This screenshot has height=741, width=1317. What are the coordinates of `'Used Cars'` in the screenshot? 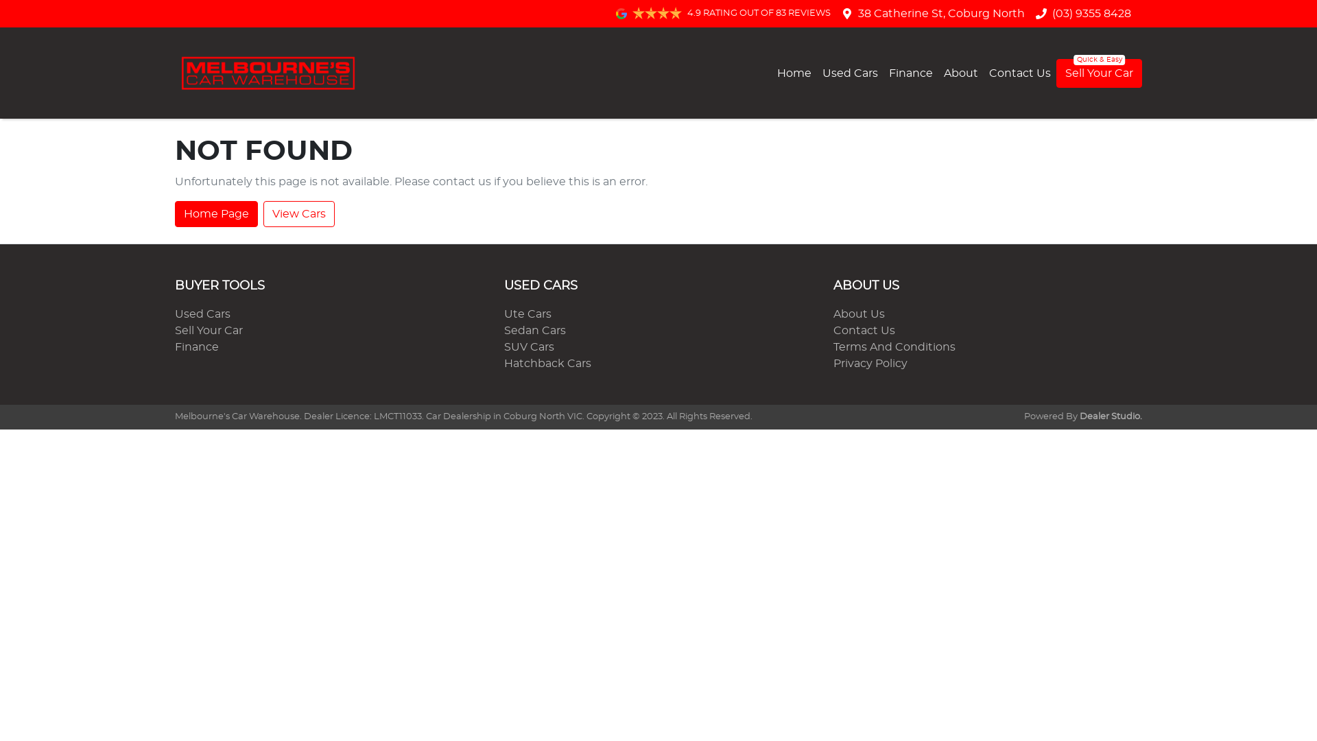 It's located at (202, 314).